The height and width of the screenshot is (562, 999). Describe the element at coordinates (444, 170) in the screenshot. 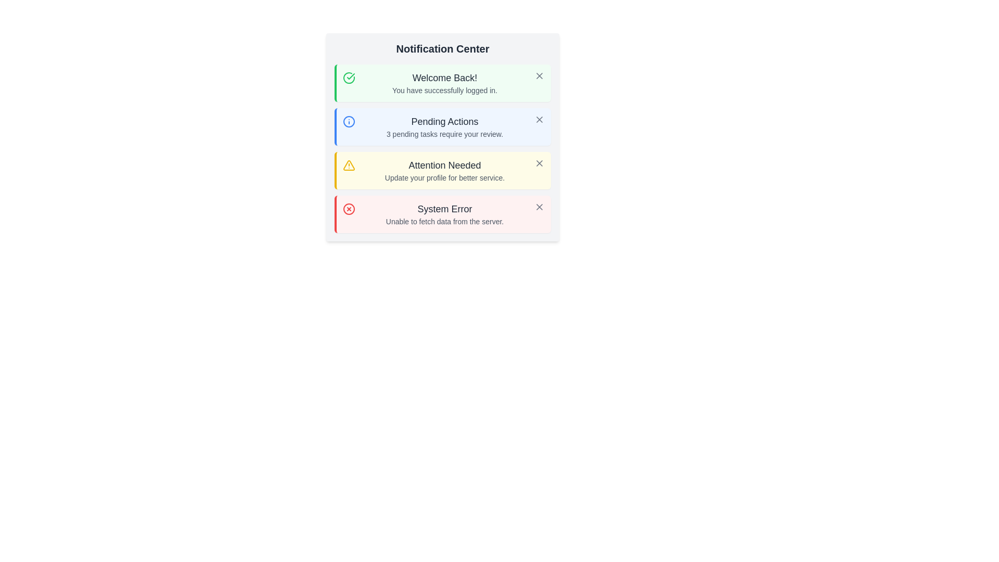

I see `the third notification item in the Notification Center that states 'Attention Needed' and prompts to 'Update your profile for better service.'` at that location.